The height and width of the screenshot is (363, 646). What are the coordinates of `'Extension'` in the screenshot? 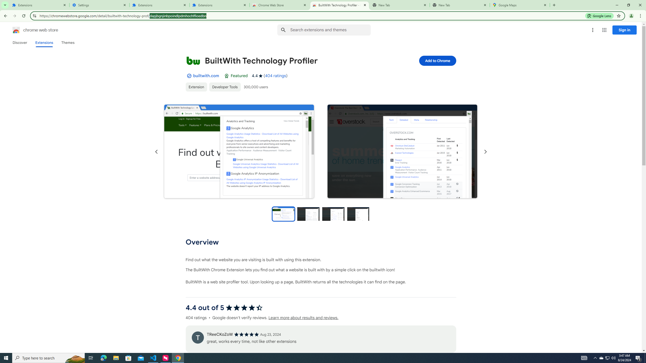 It's located at (196, 87).